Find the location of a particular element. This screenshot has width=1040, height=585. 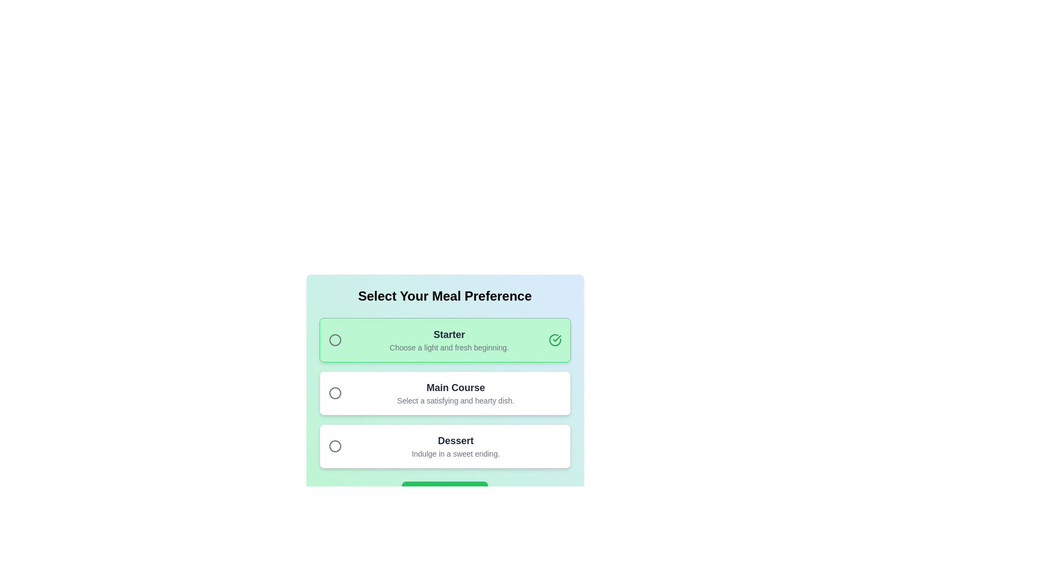

the SVG circle used as a radio button for the 'Dessert' option is located at coordinates (334, 446).